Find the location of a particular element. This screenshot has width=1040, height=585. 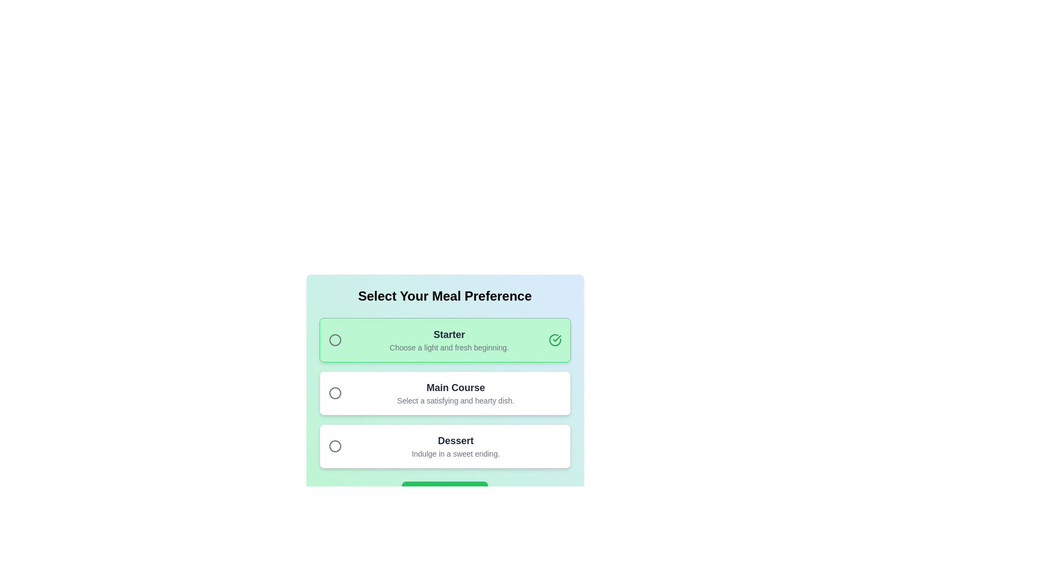

the SVG circle used as a radio button for the 'Dessert' option is located at coordinates (334, 446).